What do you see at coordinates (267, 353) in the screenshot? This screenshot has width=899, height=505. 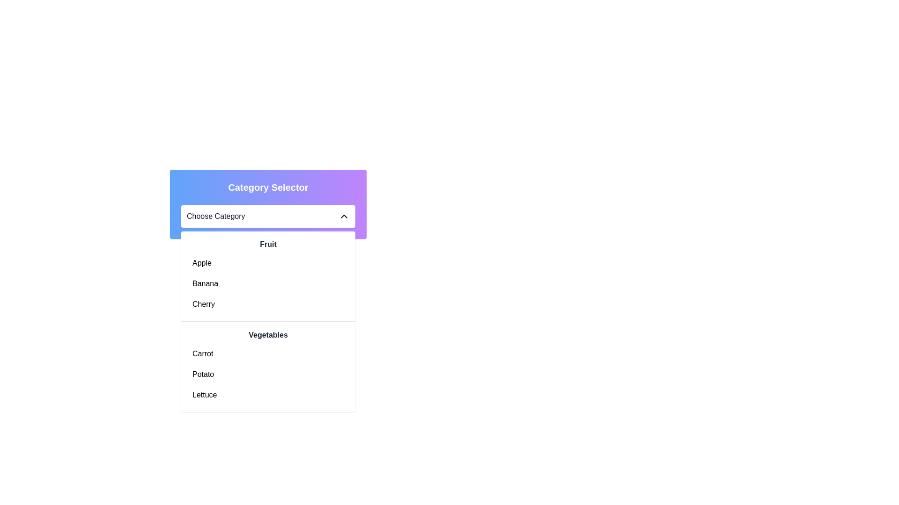 I see `to select the 'Carrot' option from the 'Vegetables' section of the dropdown list` at bounding box center [267, 353].